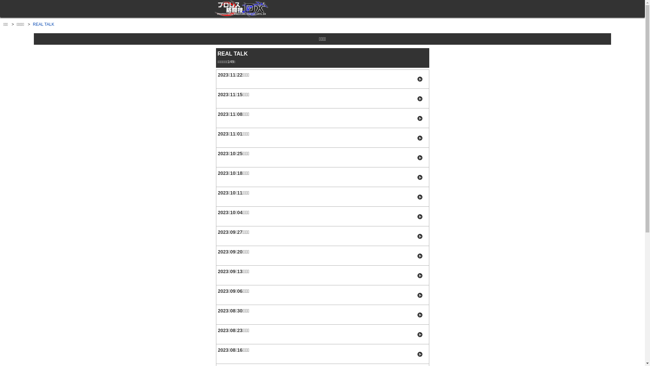 This screenshot has width=650, height=366. Describe the element at coordinates (32, 24) in the screenshot. I see `'REAL TALK'` at that location.